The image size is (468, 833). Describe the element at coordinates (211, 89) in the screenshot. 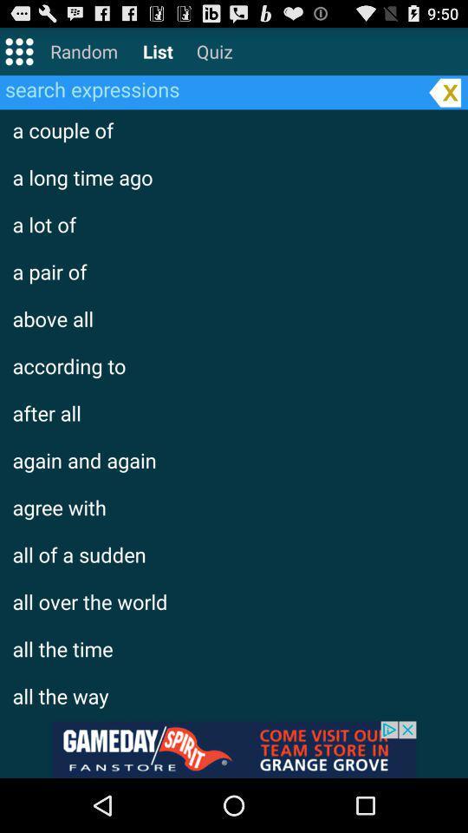

I see `word search option` at that location.